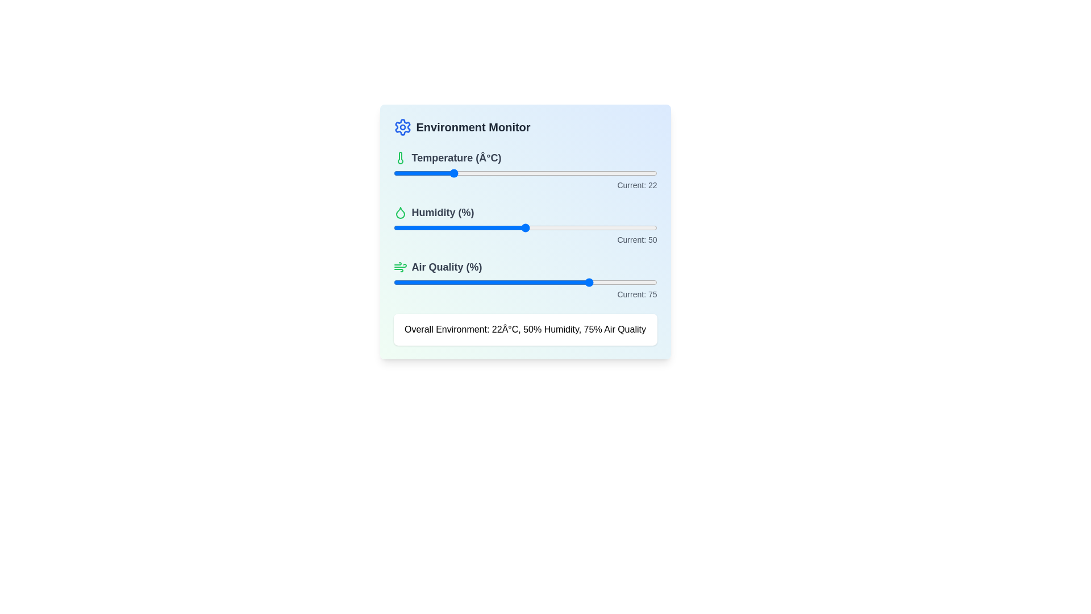 The width and height of the screenshot is (1091, 614). What do you see at coordinates (632, 173) in the screenshot?
I see `the temperature slider to set the temperature to 91 degrees Celsius` at bounding box center [632, 173].